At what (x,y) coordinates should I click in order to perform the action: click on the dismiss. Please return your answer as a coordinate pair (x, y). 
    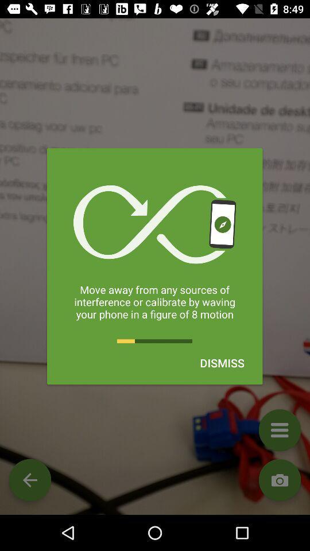
    Looking at the image, I should click on (222, 362).